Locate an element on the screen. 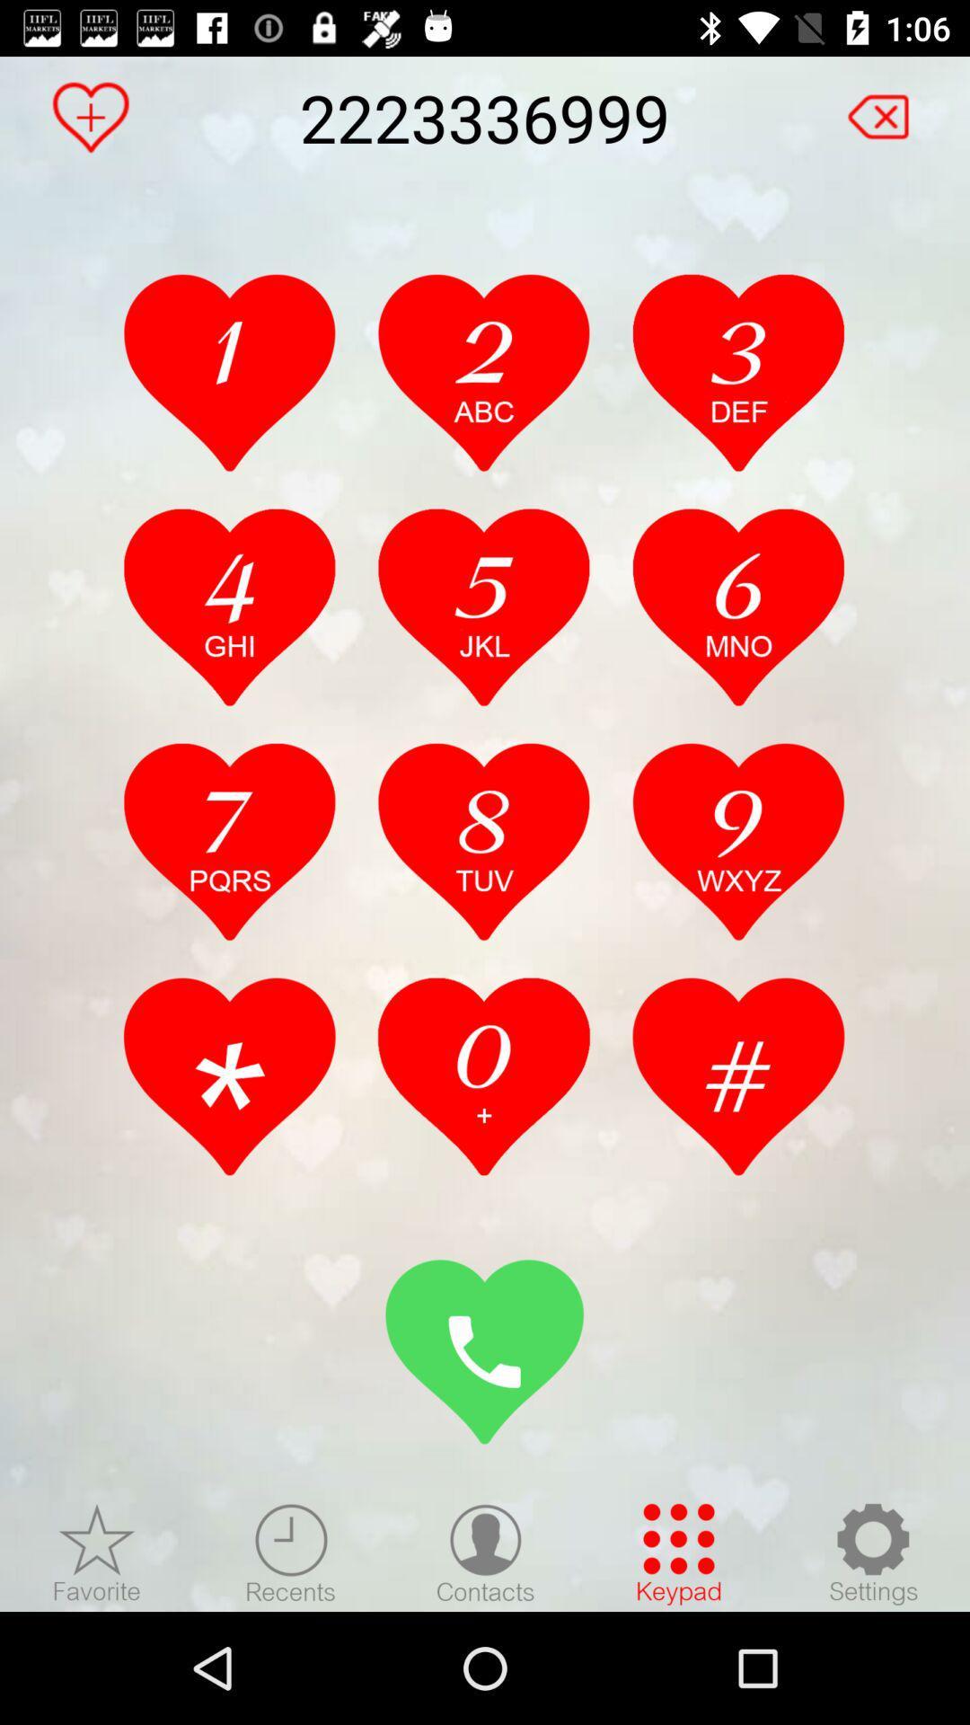  the avatar icon is located at coordinates (485, 1552).